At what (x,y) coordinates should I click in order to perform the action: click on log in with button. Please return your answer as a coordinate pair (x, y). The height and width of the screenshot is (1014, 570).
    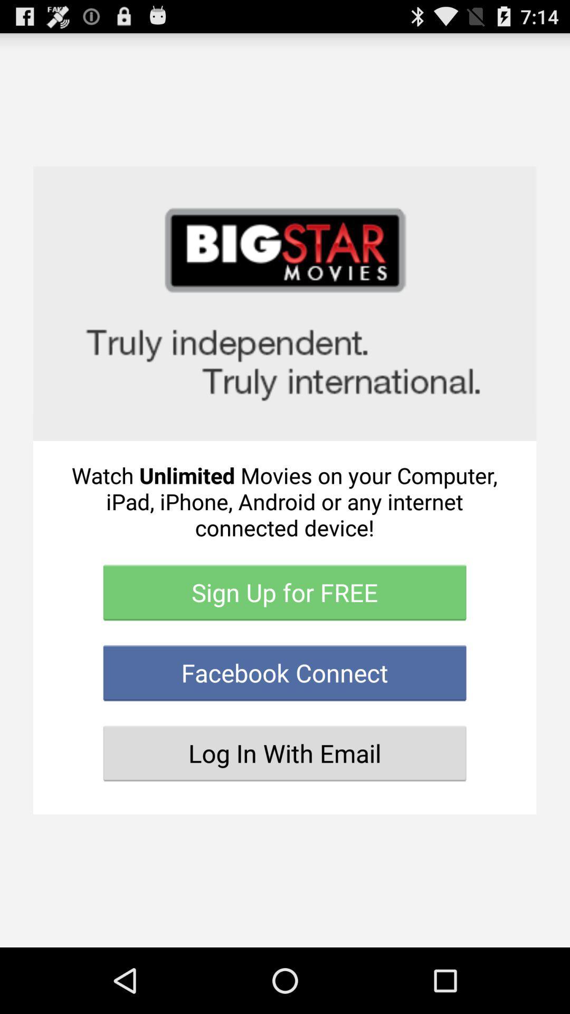
    Looking at the image, I should click on (284, 753).